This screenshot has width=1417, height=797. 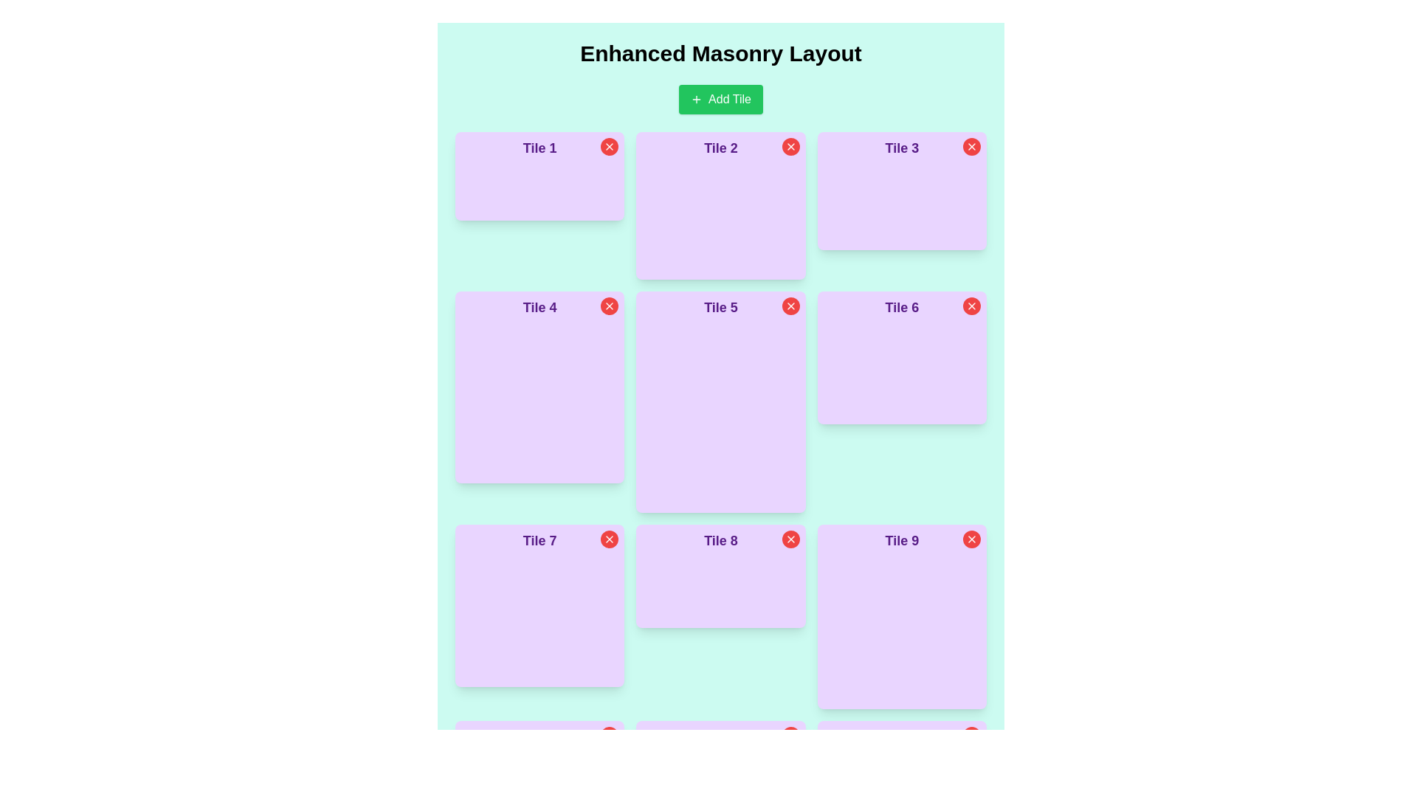 I want to click on the circular red button with a white 'X' icon in the top-right corner of 'Tile 1', so click(x=610, y=147).